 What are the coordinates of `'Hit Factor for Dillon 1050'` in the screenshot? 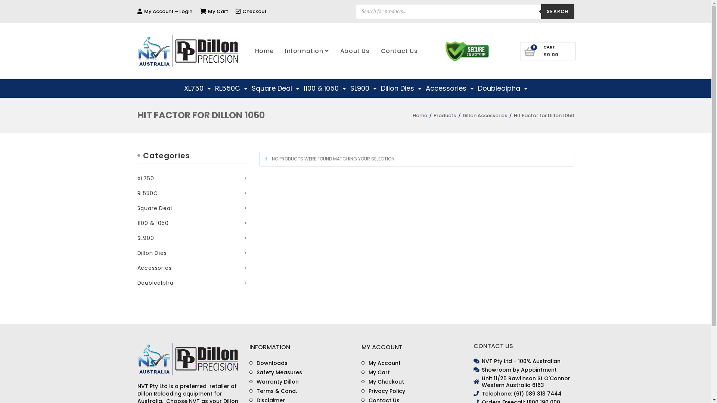 It's located at (544, 115).